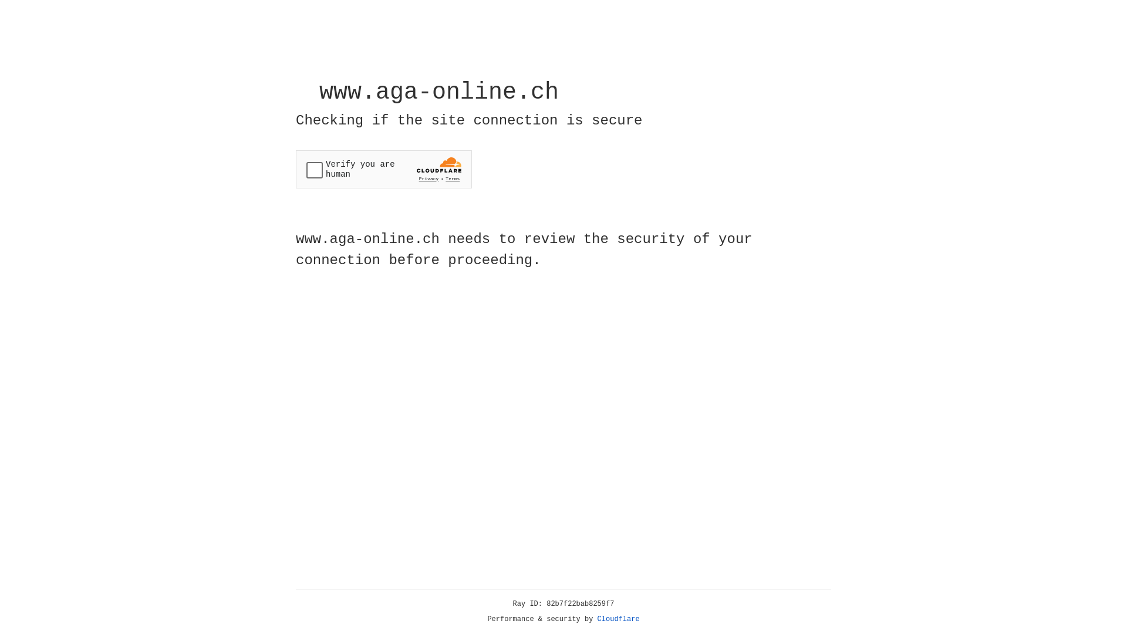  I want to click on 'Widget containing a Cloudflare security challenge', so click(383, 169).